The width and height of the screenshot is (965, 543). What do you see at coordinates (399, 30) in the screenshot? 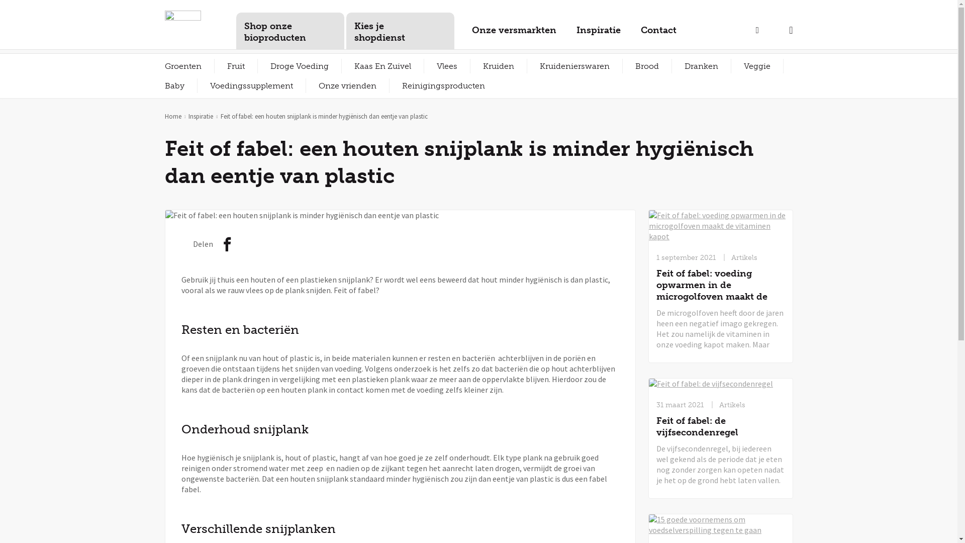
I see `'Kies je shopdienst'` at bounding box center [399, 30].